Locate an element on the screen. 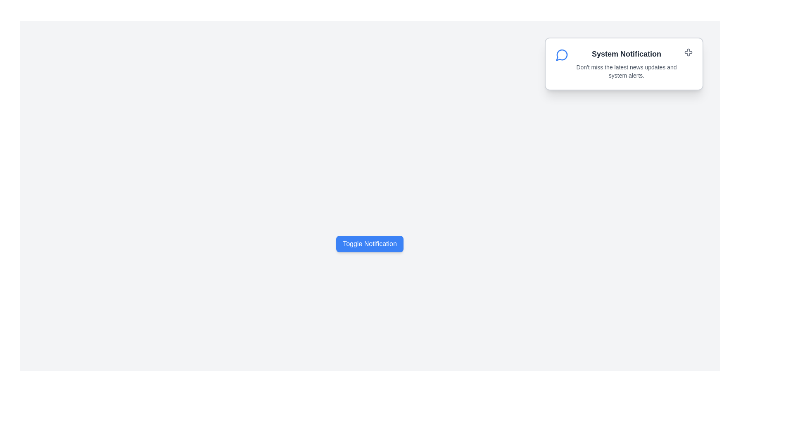 This screenshot has height=446, width=793. the informational text display component titled 'System Notification', which features a bold title and descriptive text, located in the top-right area of the main interface is located at coordinates (626, 63).